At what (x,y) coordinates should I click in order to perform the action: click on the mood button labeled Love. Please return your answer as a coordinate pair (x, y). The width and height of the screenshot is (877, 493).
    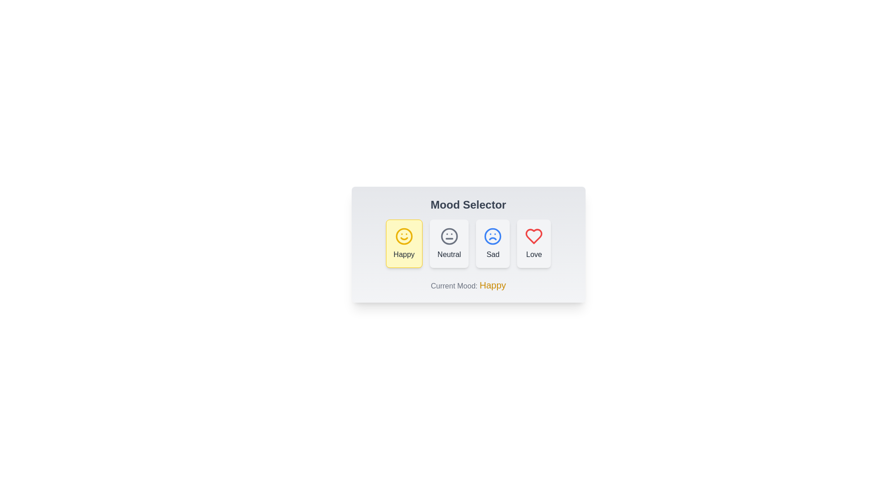
    Looking at the image, I should click on (534, 243).